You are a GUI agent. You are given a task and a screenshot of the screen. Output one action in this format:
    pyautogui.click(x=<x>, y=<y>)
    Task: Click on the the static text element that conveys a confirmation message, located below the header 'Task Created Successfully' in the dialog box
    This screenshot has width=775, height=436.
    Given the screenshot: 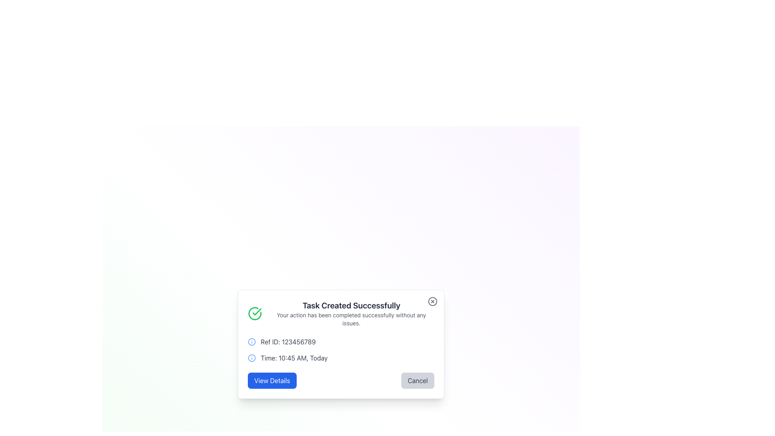 What is the action you would take?
    pyautogui.click(x=351, y=319)
    